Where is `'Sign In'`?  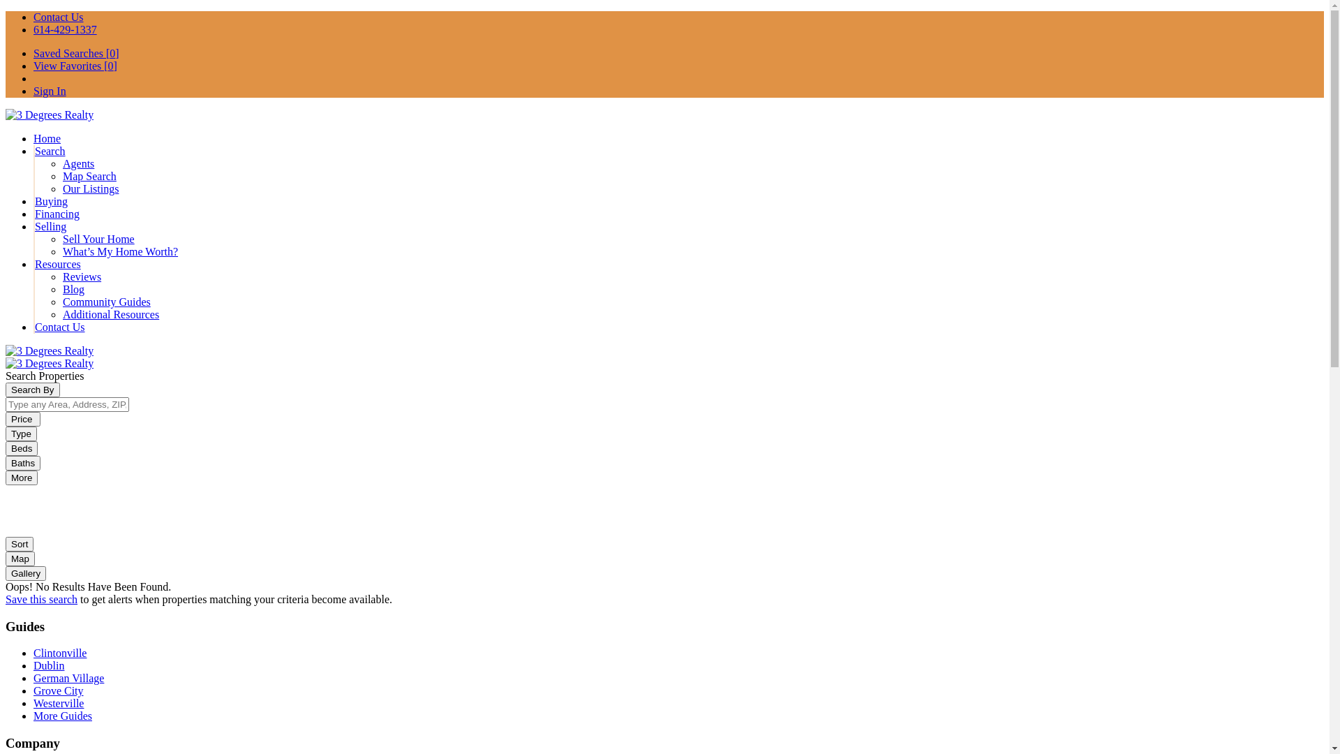 'Sign In' is located at coordinates (33, 91).